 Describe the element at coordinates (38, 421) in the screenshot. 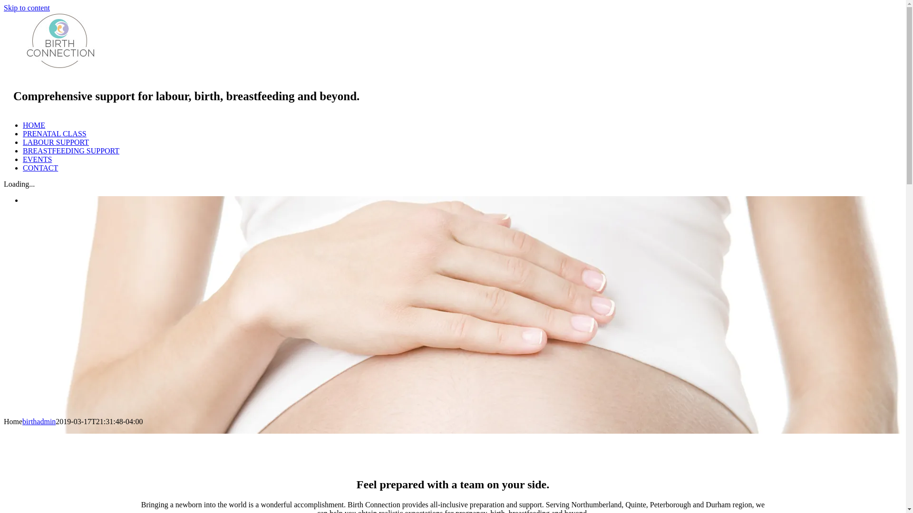

I see `'birthadmin'` at that location.